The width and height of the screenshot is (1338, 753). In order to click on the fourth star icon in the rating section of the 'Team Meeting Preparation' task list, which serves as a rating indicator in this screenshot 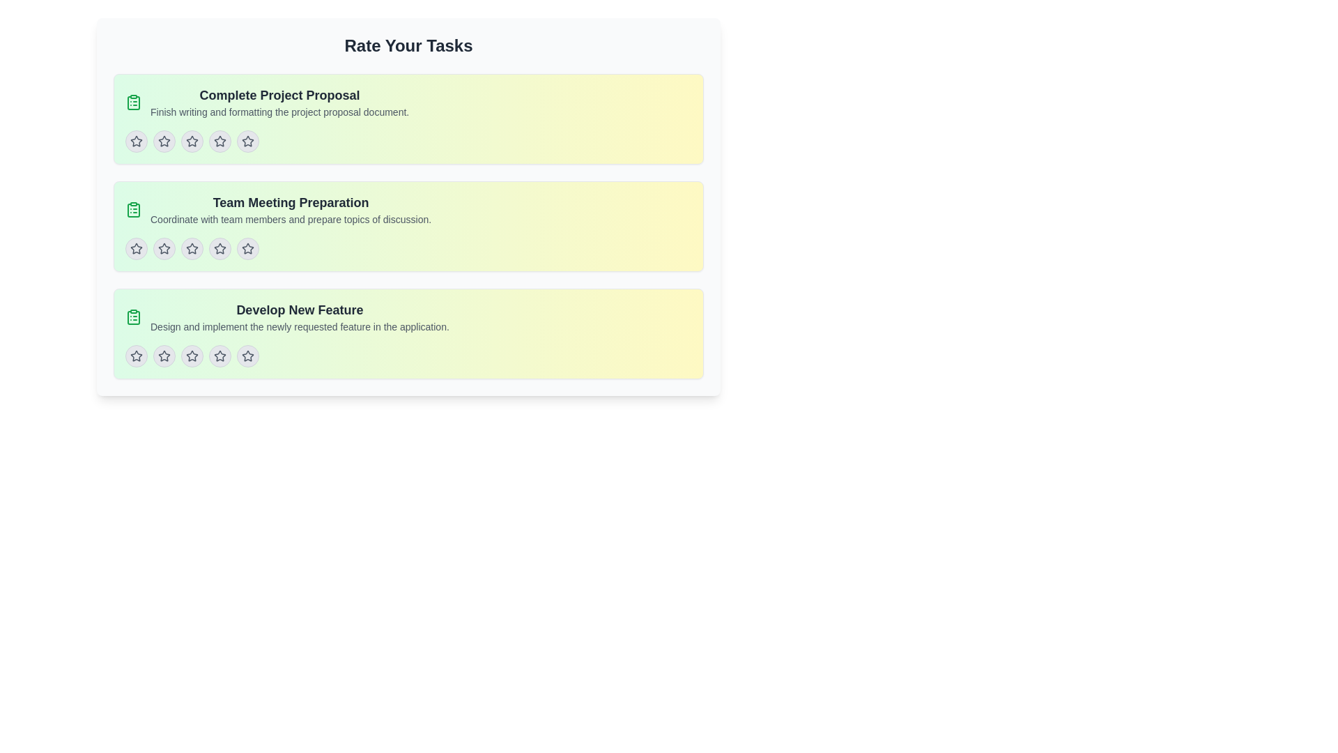, I will do `click(247, 248)`.